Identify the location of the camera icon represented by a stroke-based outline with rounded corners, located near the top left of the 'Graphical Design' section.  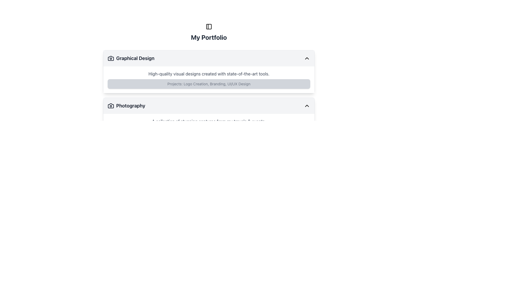
(110, 58).